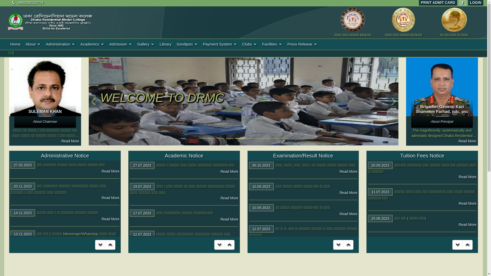  Describe the element at coordinates (43, 44) in the screenshot. I see `'Administration'` at that location.